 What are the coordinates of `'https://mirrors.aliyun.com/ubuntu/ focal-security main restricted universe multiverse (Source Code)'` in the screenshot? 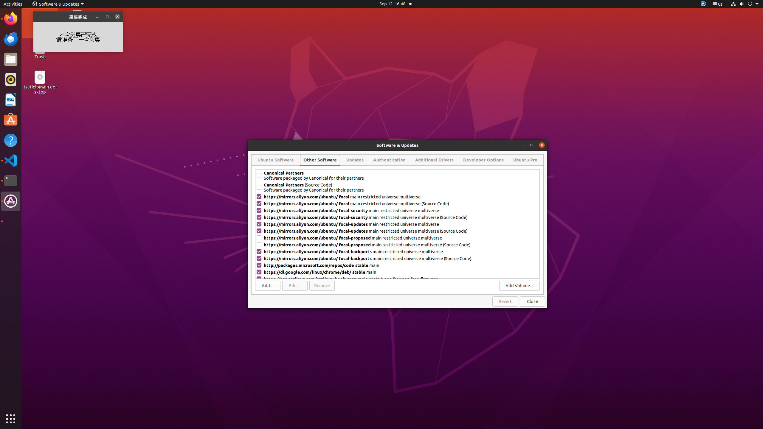 It's located at (401, 217).